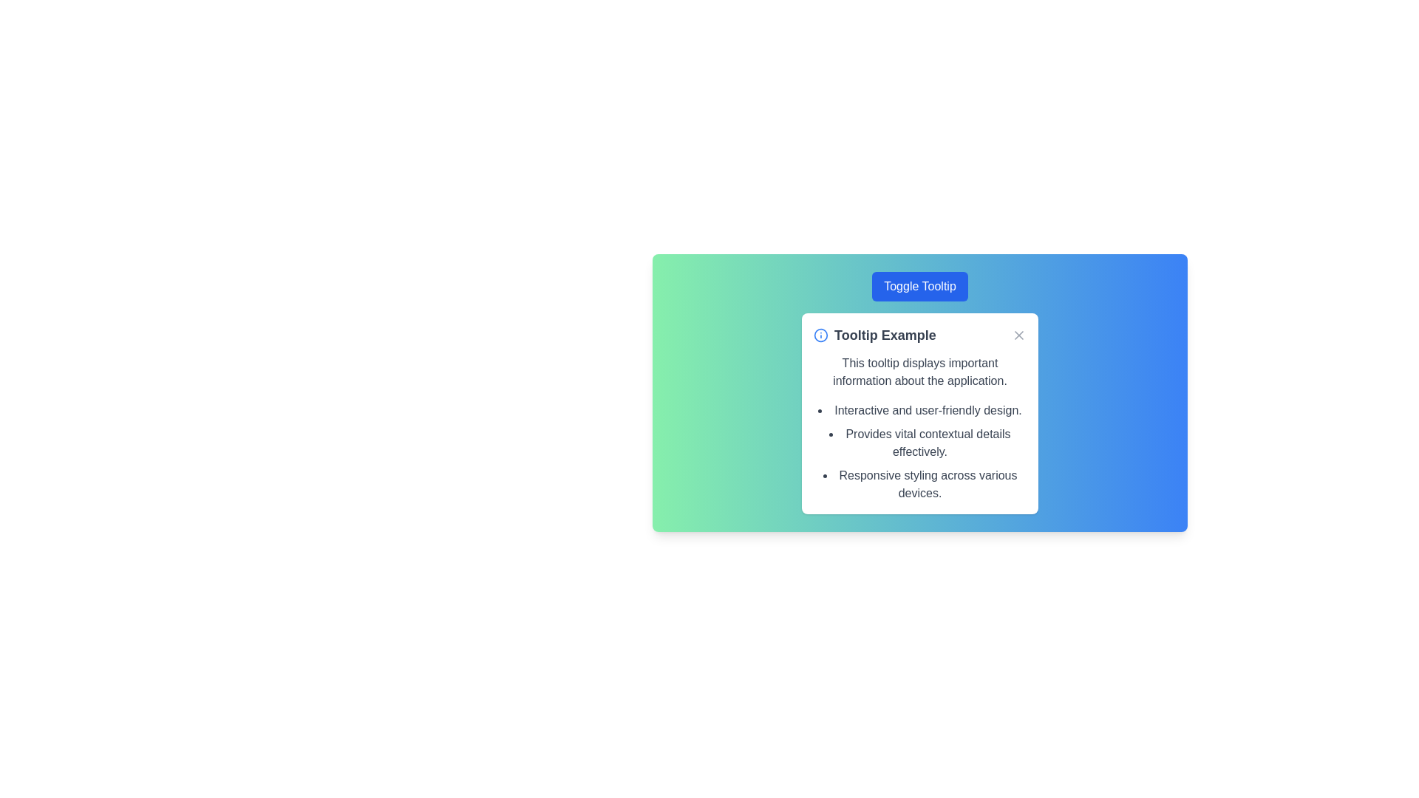  I want to click on the icon located on the left side of the title text 'Tooltip Example', which indicates important or explanatory information in the tooltip box, so click(820, 335).